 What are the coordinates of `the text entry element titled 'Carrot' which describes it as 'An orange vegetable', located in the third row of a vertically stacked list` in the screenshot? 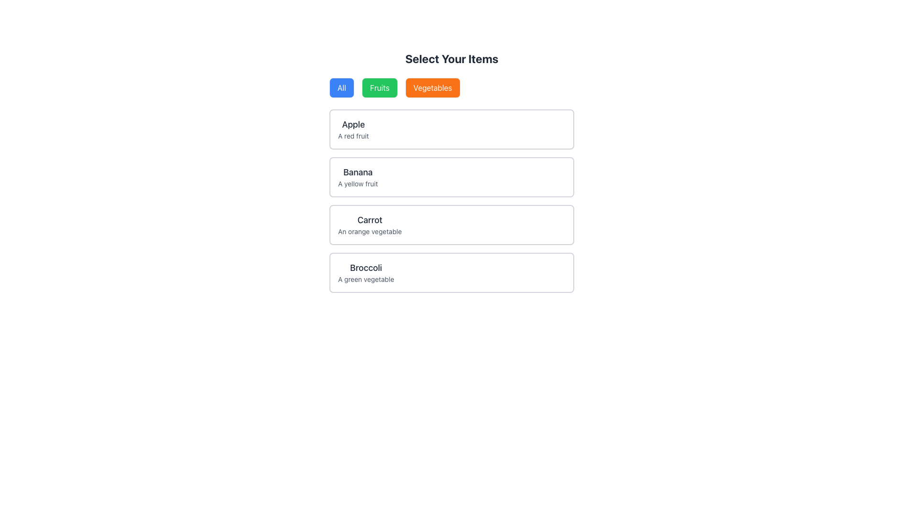 It's located at (369, 225).